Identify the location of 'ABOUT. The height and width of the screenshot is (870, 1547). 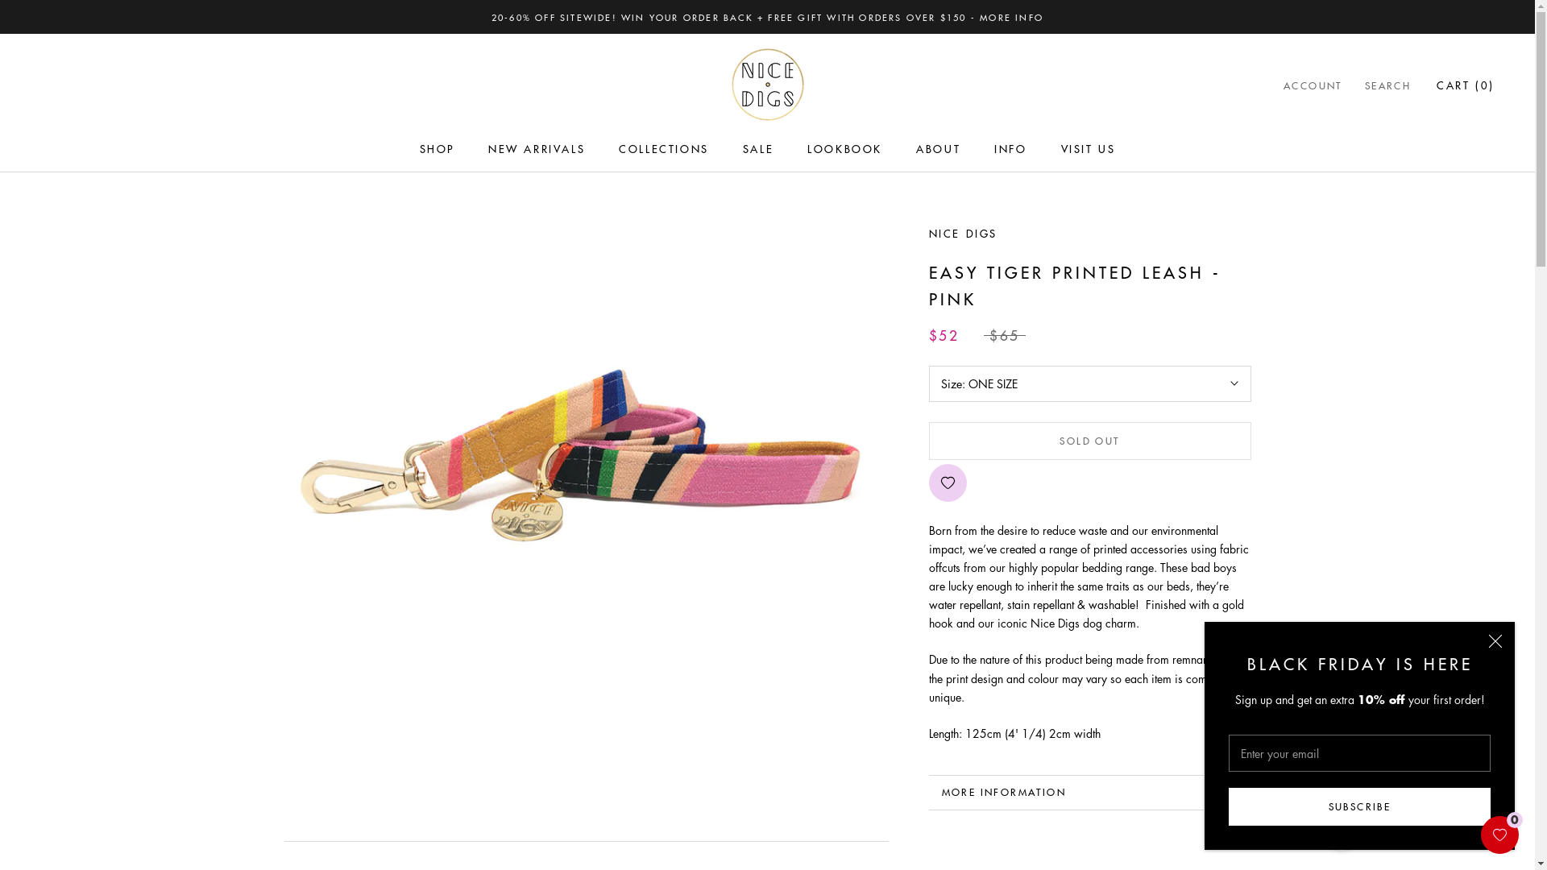
(938, 148).